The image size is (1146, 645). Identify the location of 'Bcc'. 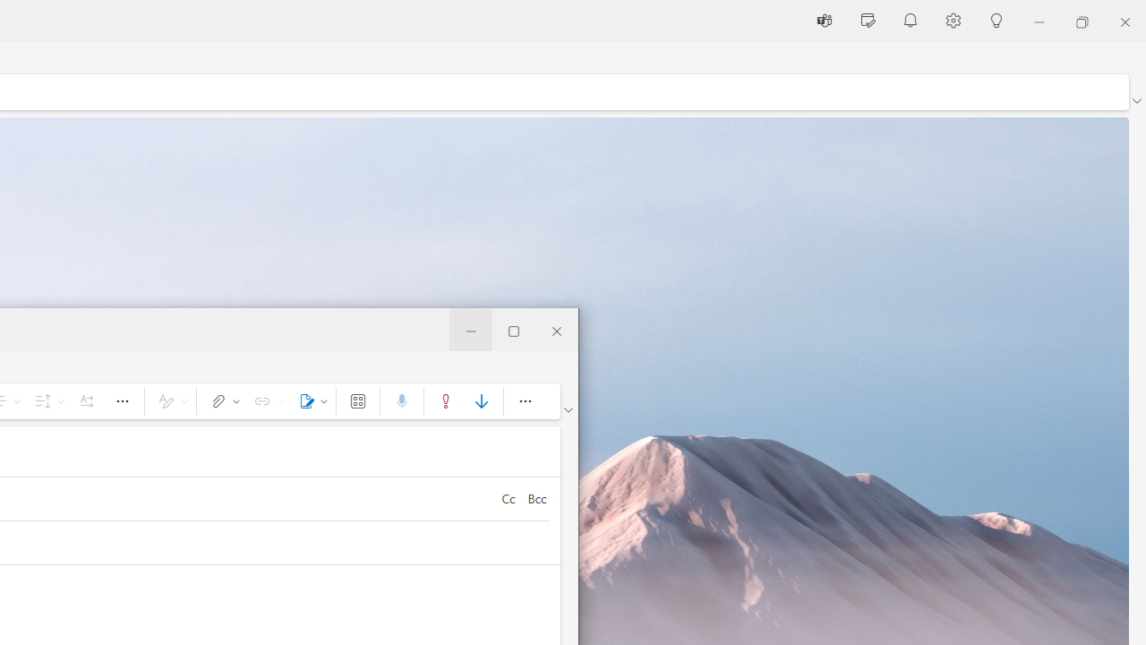
(535, 498).